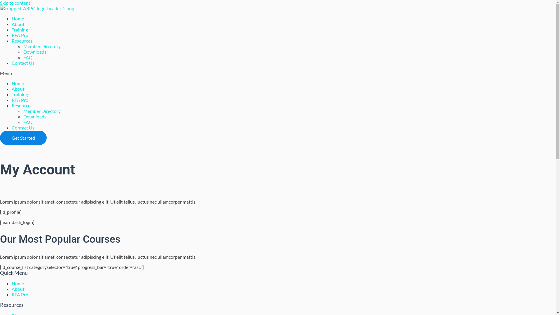  I want to click on 'Downloads', so click(34, 116).